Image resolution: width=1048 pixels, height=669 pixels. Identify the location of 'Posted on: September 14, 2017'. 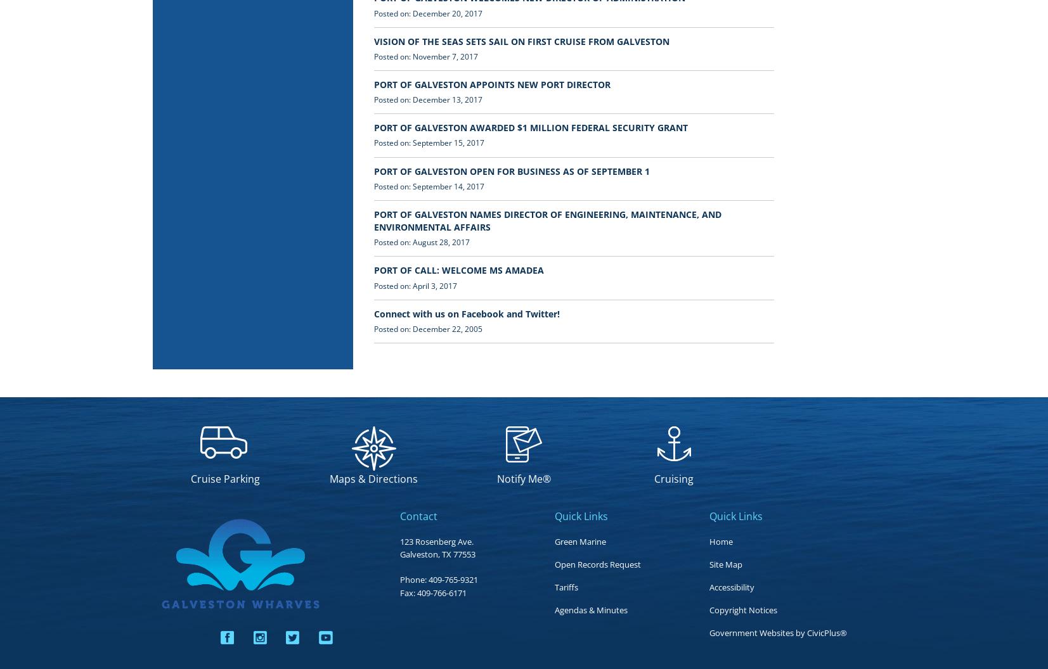
(429, 186).